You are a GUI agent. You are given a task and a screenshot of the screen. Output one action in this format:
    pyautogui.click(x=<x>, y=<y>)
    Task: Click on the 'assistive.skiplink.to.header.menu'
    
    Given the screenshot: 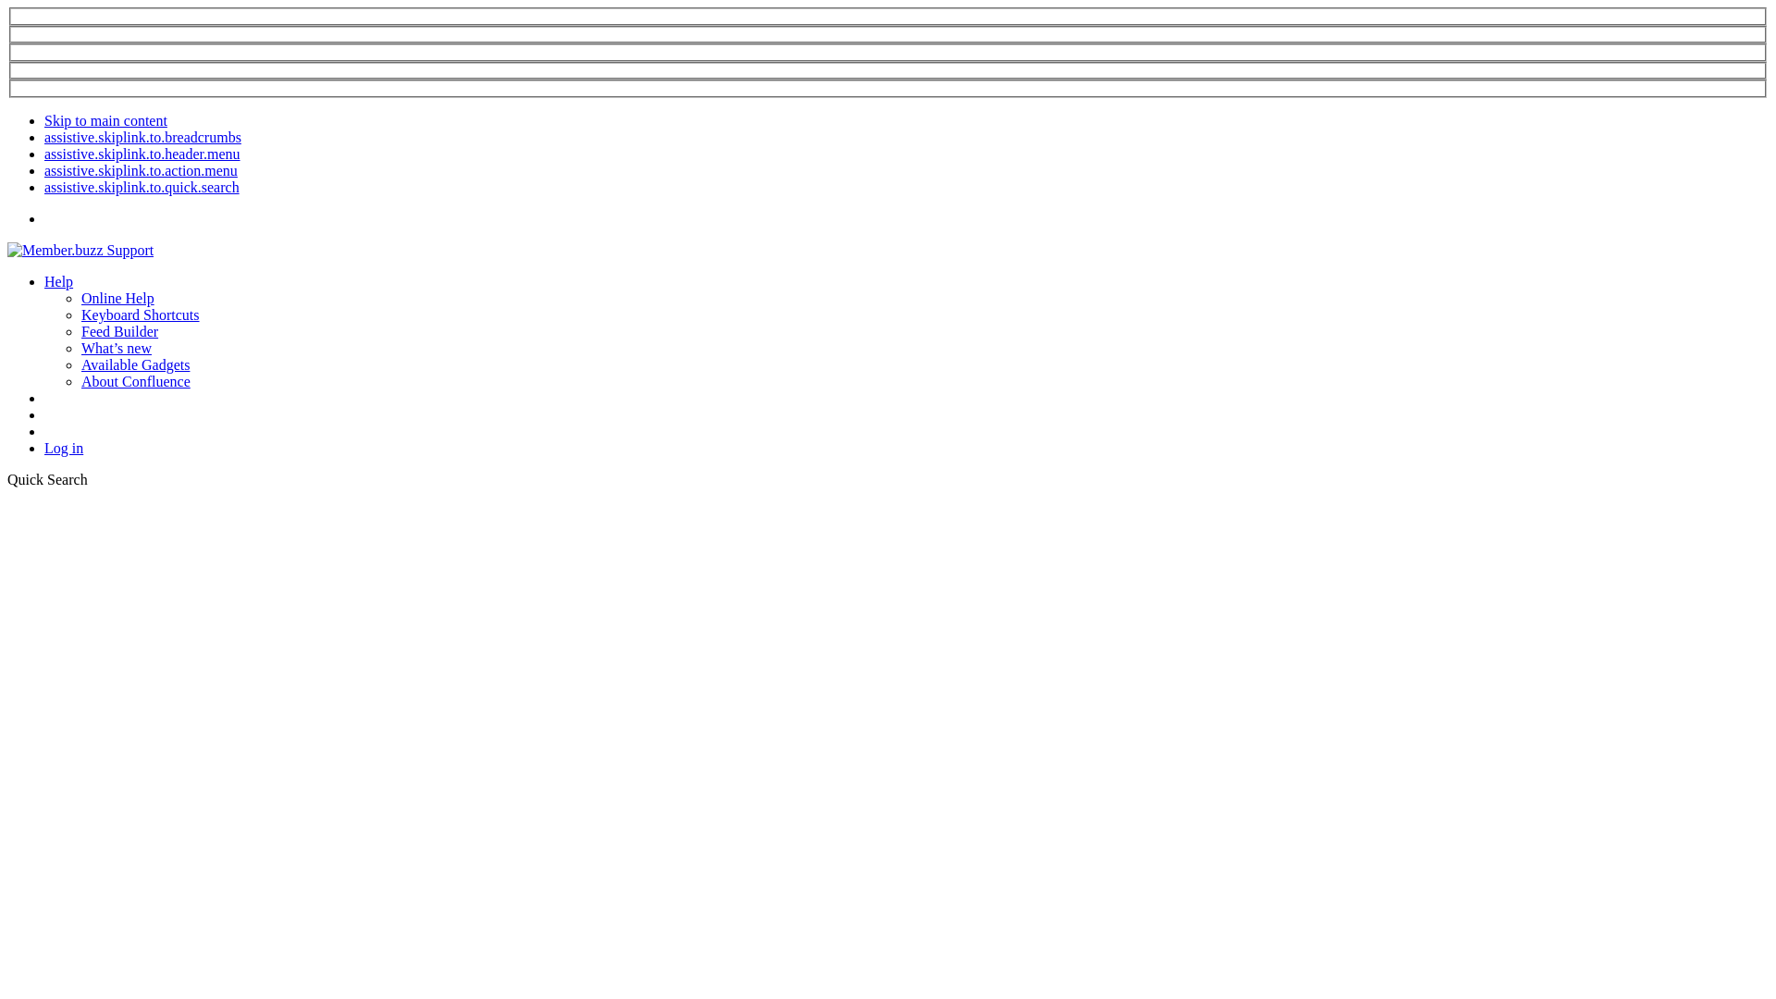 What is the action you would take?
    pyautogui.click(x=141, y=153)
    